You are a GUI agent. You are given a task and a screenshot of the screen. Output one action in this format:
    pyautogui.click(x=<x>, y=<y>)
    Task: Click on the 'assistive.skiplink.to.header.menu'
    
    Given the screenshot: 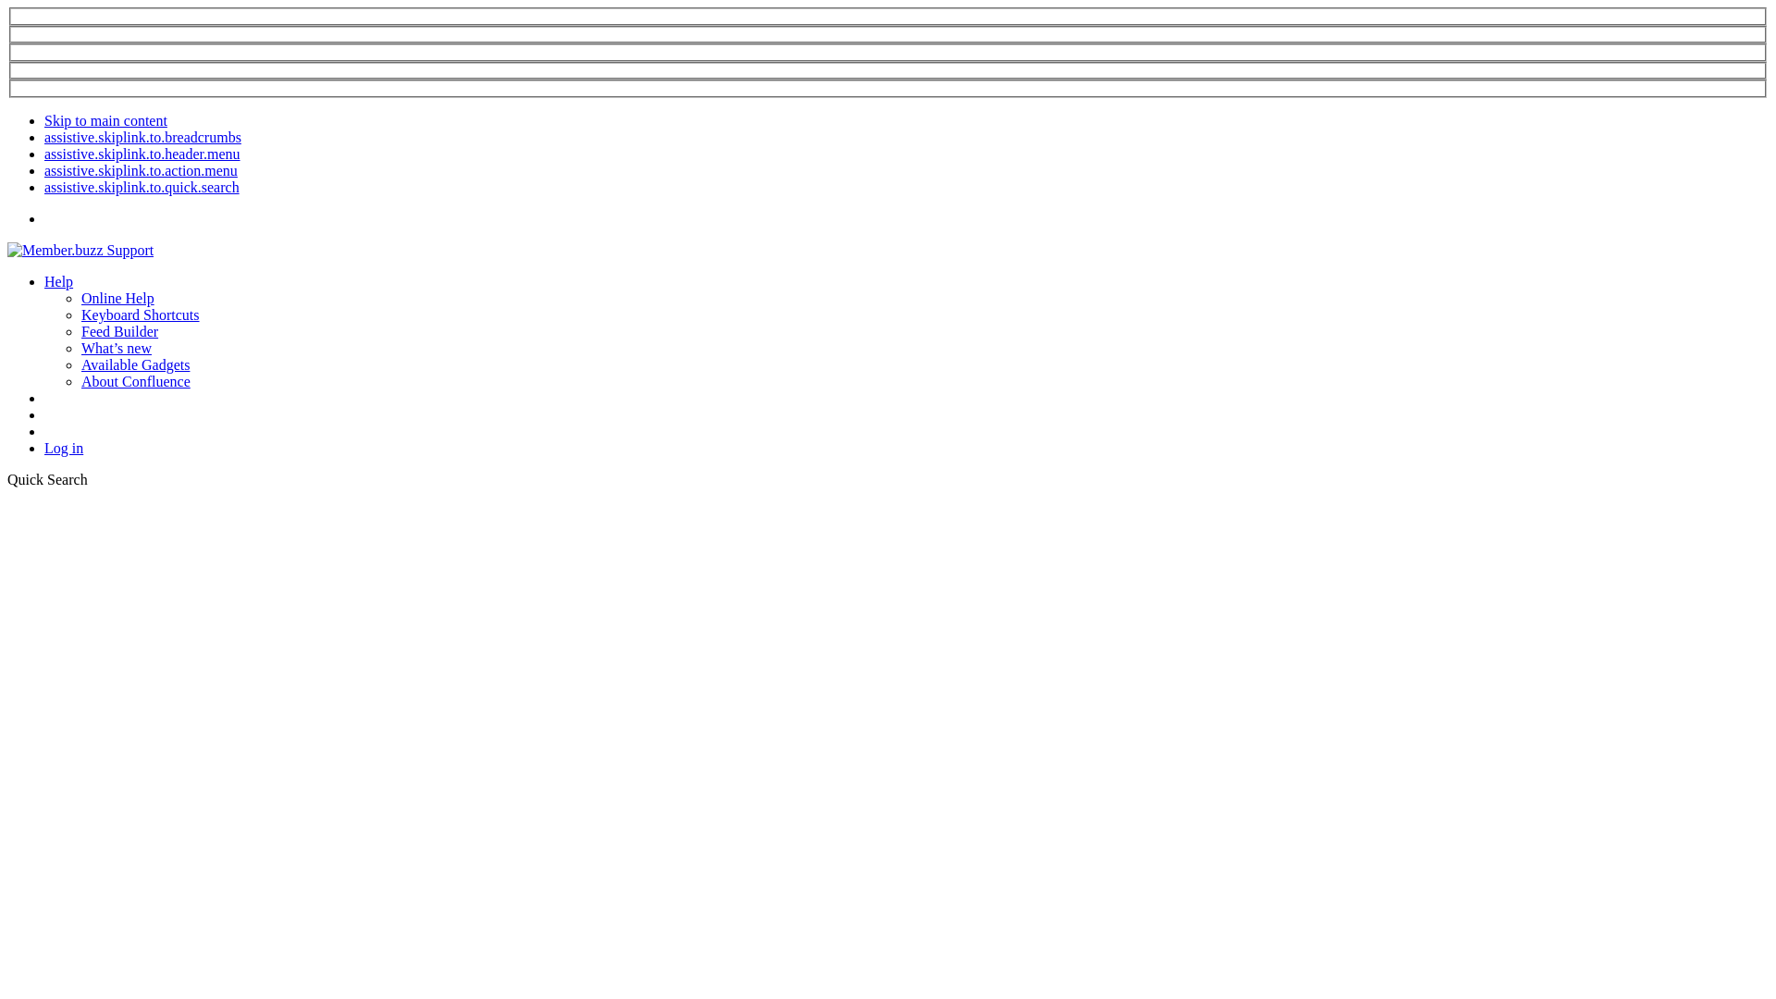 What is the action you would take?
    pyautogui.click(x=141, y=153)
    